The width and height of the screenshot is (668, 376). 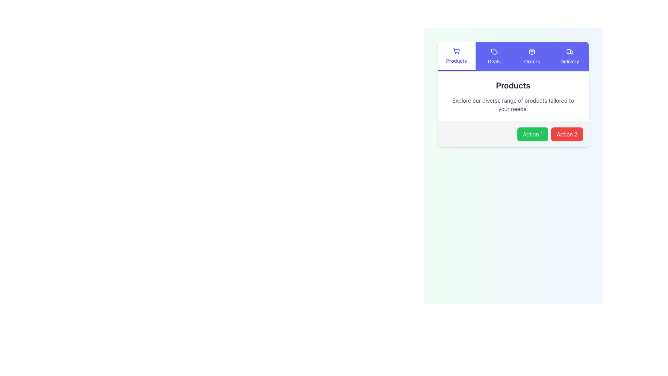 What do you see at coordinates (494, 52) in the screenshot?
I see `the 'Deals' icon in the top navigation bar, which is positioned between the 'Products' and 'Orders' icons` at bounding box center [494, 52].